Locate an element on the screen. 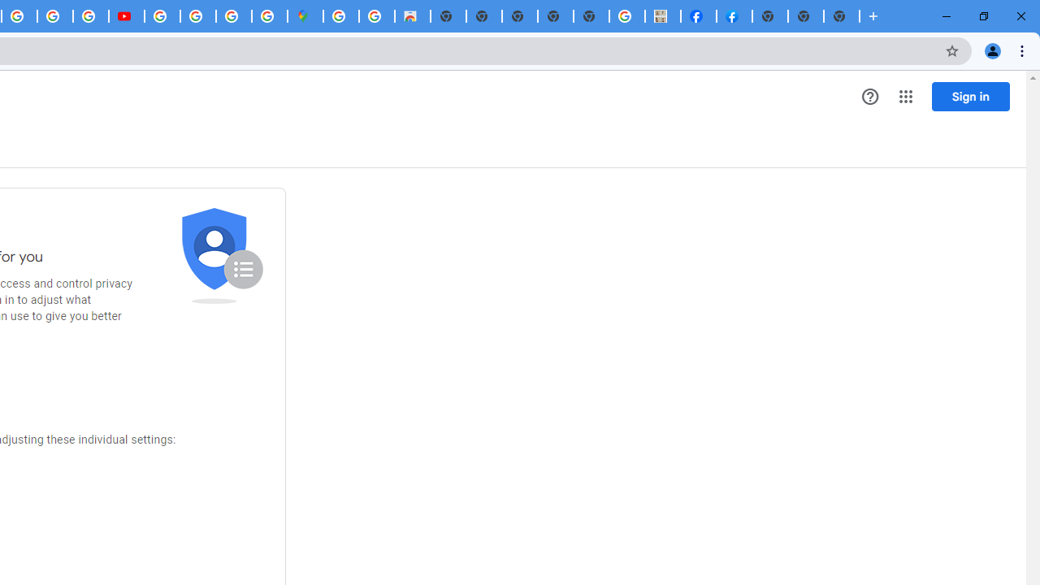  'Privacy Help Center - Policies Help' is located at coordinates (54, 16).